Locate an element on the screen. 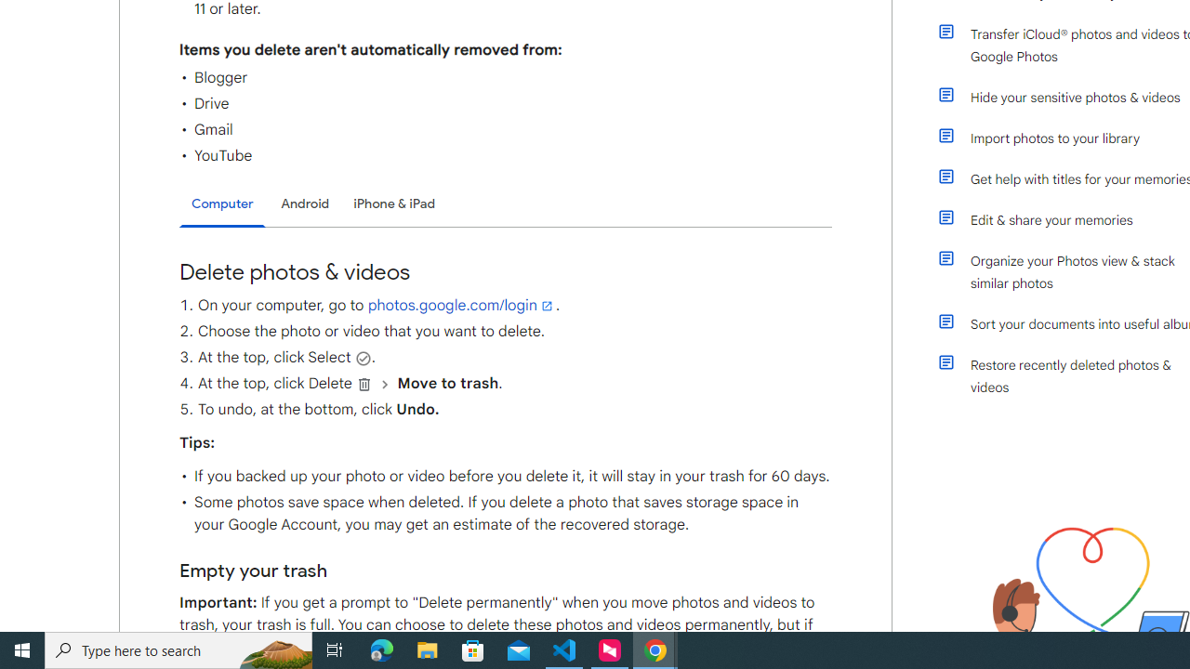  'iPhone & iPad' is located at coordinates (393, 203).